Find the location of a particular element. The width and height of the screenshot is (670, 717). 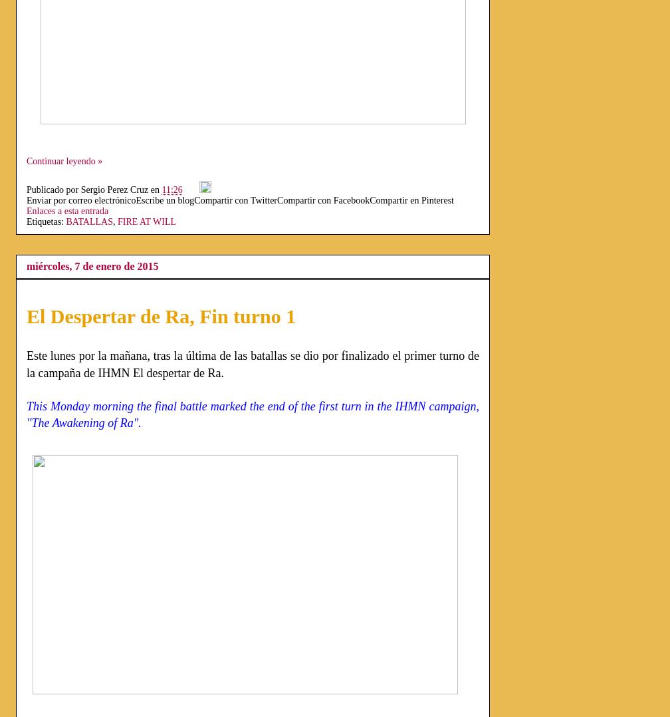

'Enviar por correo electrónico' is located at coordinates (27, 200).